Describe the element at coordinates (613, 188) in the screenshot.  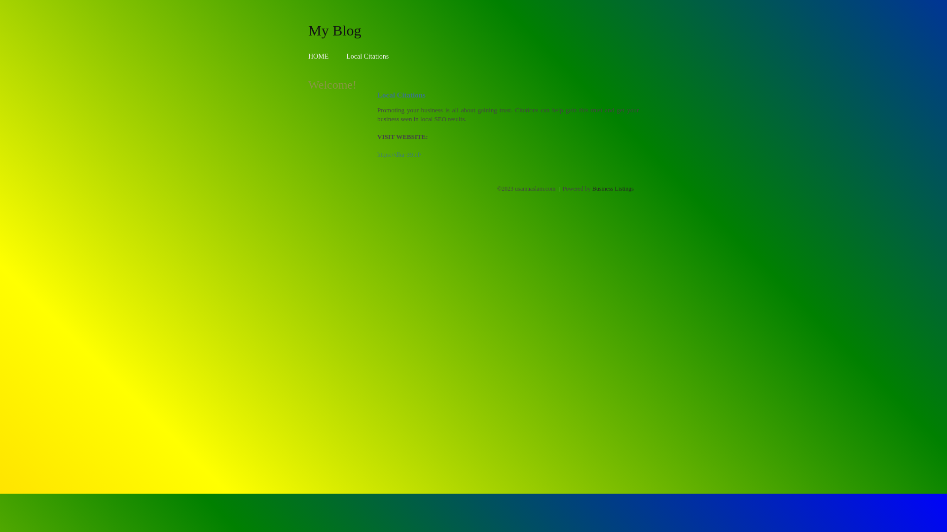
I see `'Business Listings'` at that location.